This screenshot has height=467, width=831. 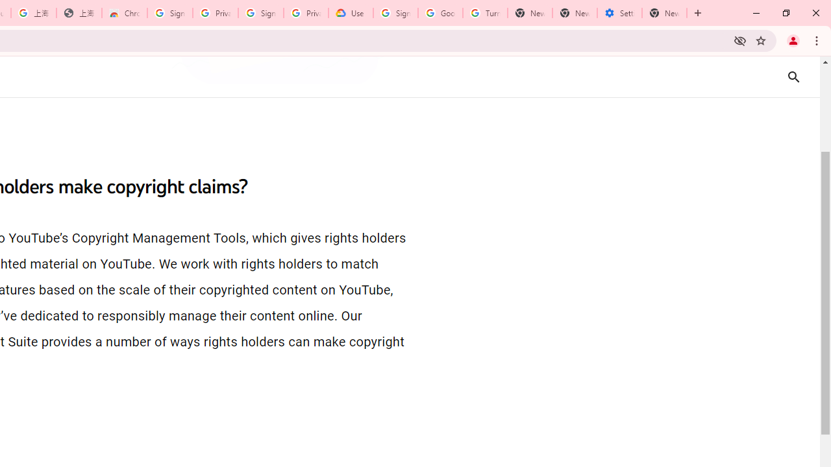 What do you see at coordinates (125, 13) in the screenshot?
I see `'Chrome Web Store - Color themes by Chrome'` at bounding box center [125, 13].